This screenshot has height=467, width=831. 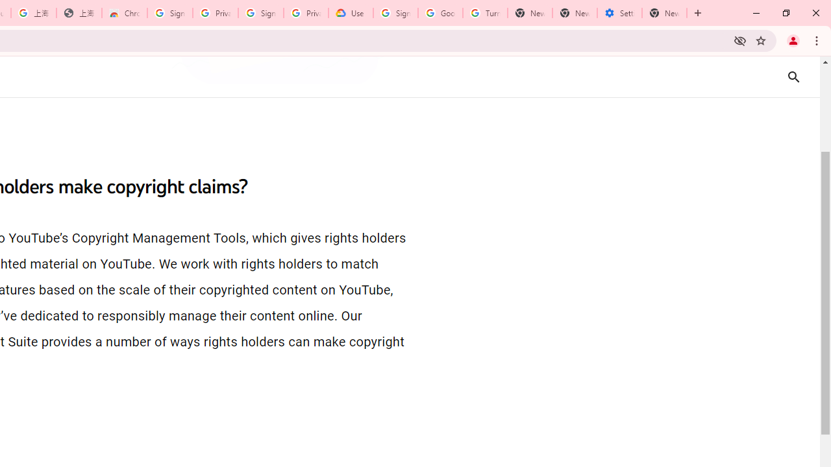 What do you see at coordinates (125, 13) in the screenshot?
I see `'Chrome Web Store - Color themes by Chrome'` at bounding box center [125, 13].